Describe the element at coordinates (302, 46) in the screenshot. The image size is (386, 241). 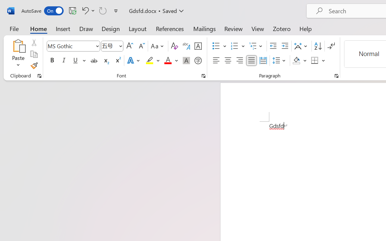
I see `'Asian Layout'` at that location.